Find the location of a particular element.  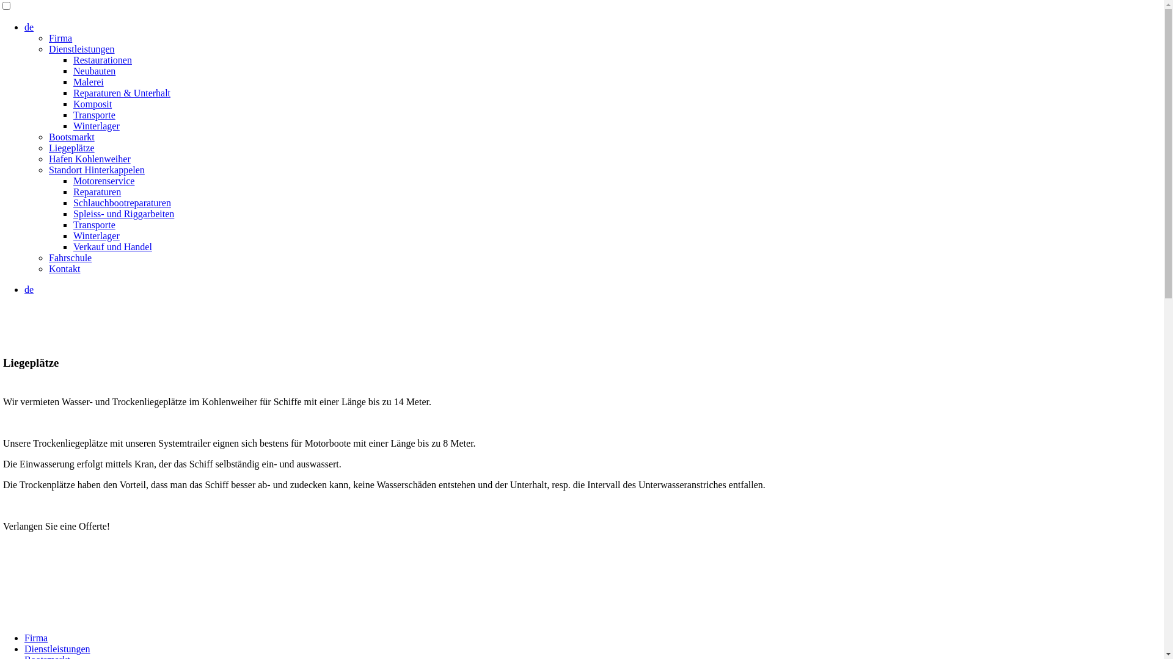

'Transporte' is located at coordinates (93, 225).